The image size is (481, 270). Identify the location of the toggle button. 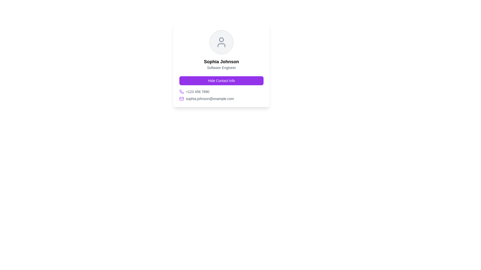
(221, 80).